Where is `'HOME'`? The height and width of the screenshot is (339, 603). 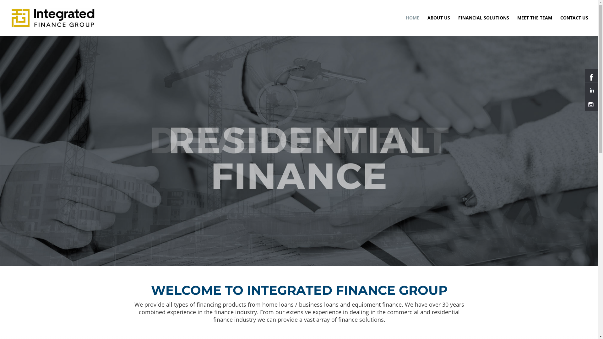 'HOME' is located at coordinates (412, 25).